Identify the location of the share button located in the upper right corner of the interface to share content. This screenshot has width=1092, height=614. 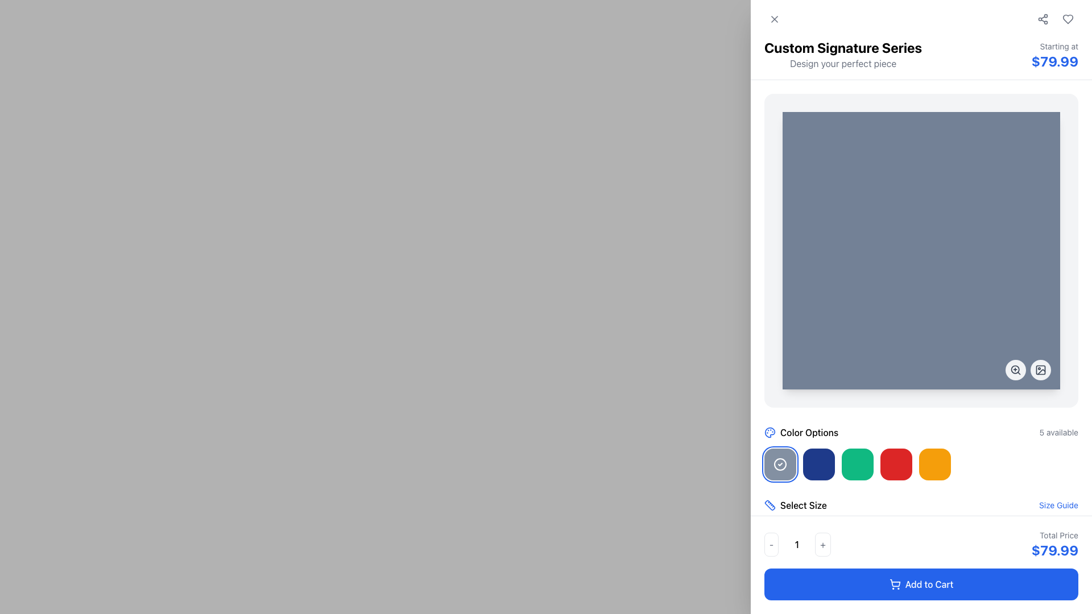
(1043, 19).